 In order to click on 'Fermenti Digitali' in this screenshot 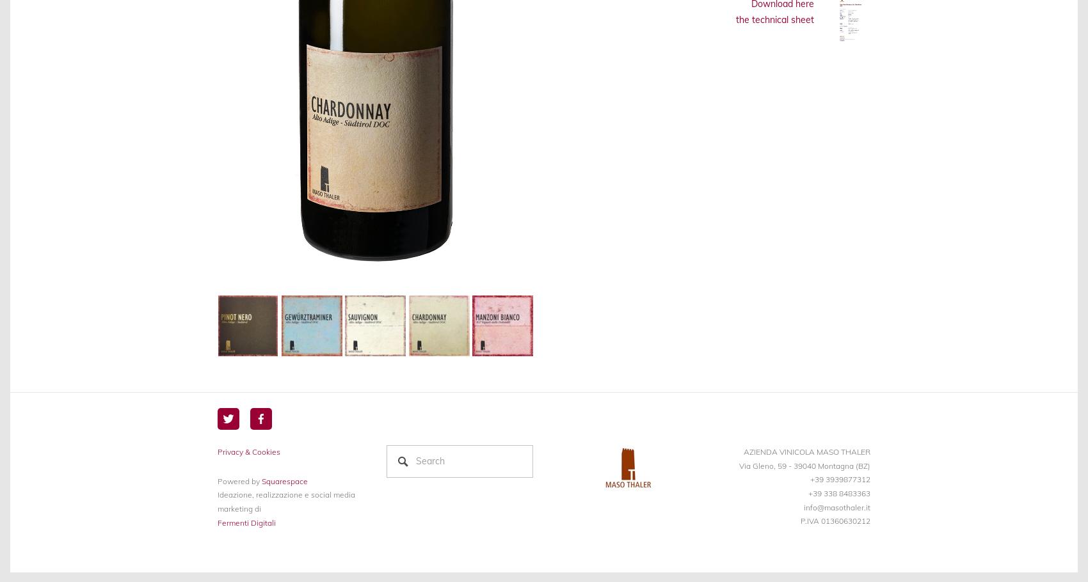, I will do `click(217, 522)`.